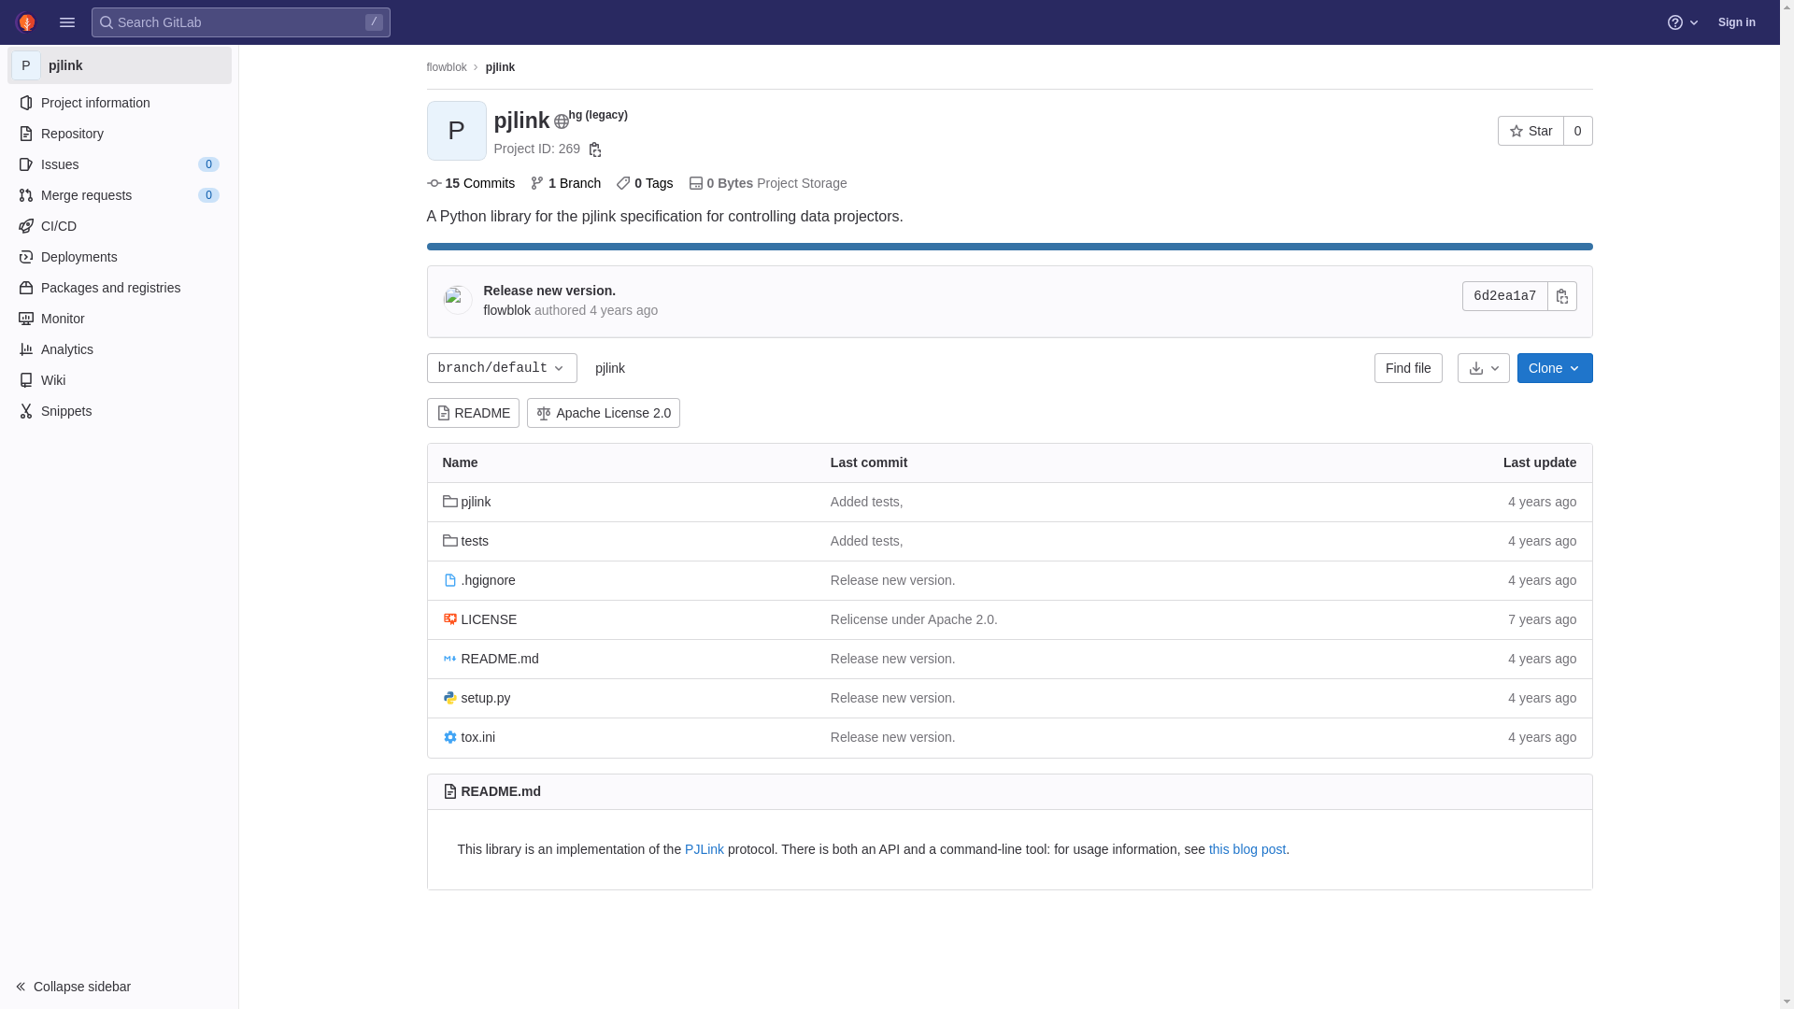  Describe the element at coordinates (118, 132) in the screenshot. I see `'Repository'` at that location.